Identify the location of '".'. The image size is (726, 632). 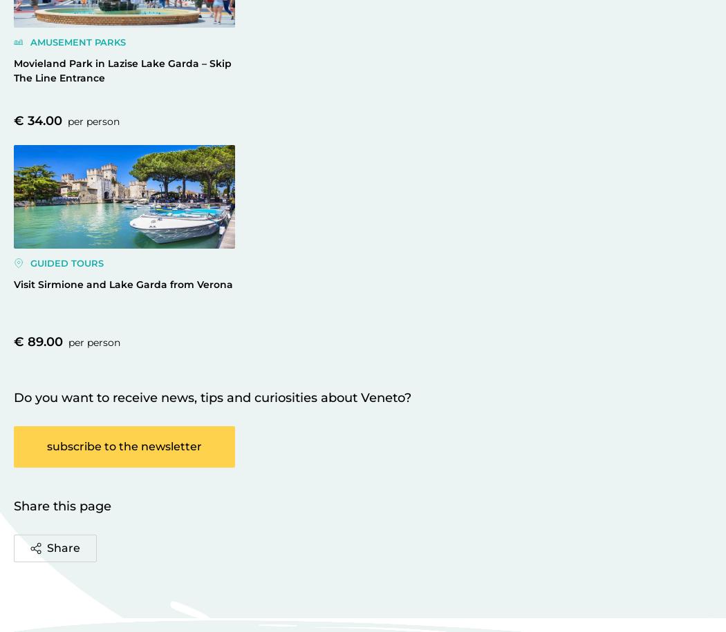
(539, 6).